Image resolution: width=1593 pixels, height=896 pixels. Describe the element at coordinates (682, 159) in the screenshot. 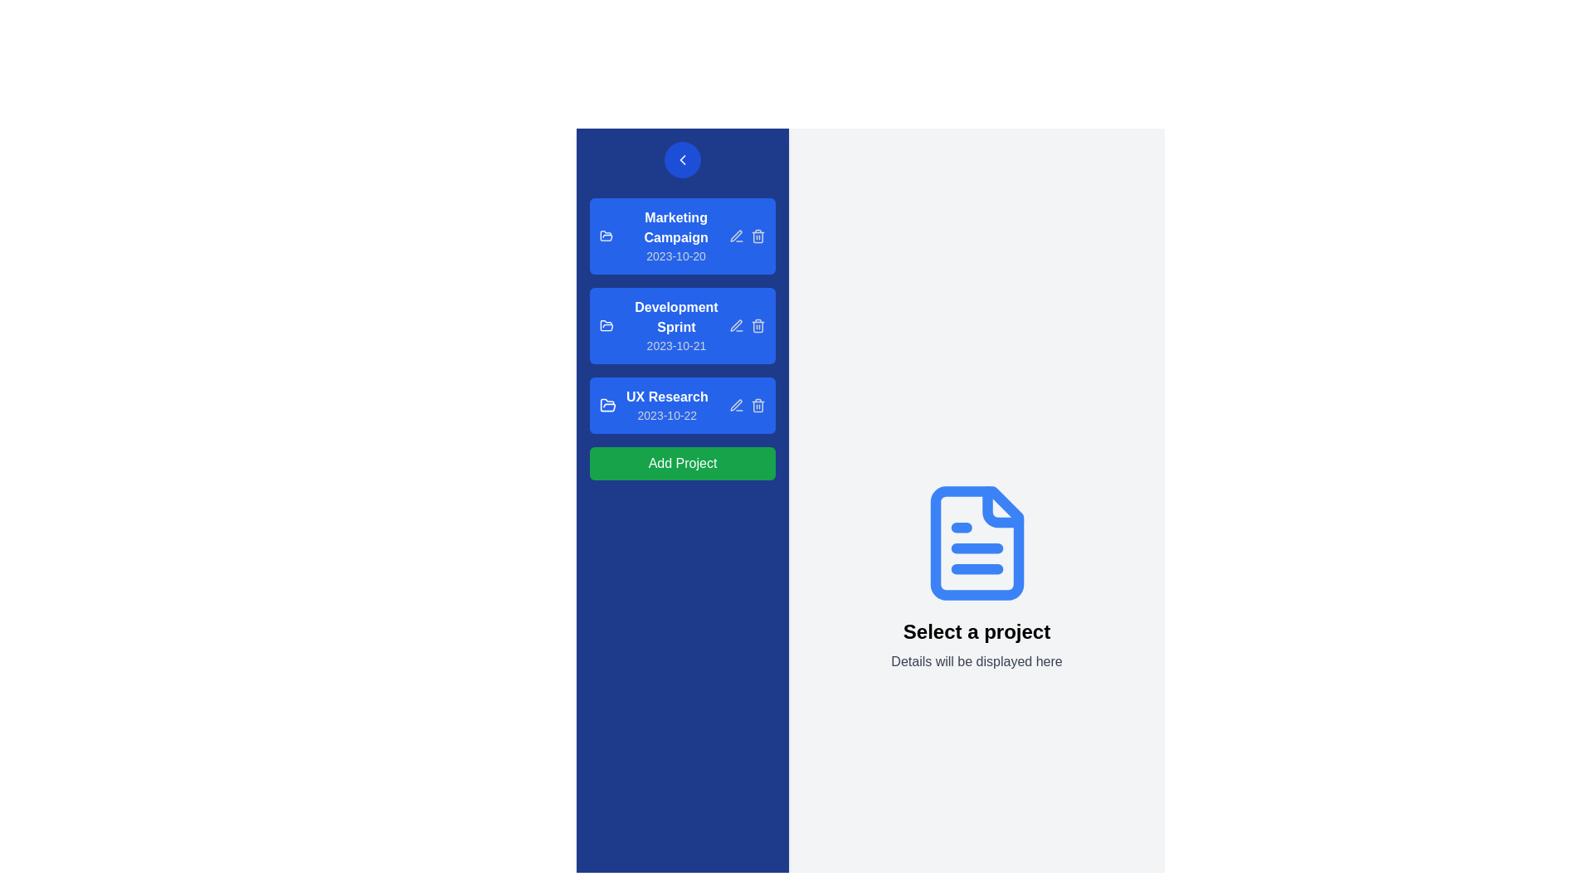

I see `the left-chevron-shaped icon located in the vertical blue navigation bar near the top-left corner of the application interface` at that location.